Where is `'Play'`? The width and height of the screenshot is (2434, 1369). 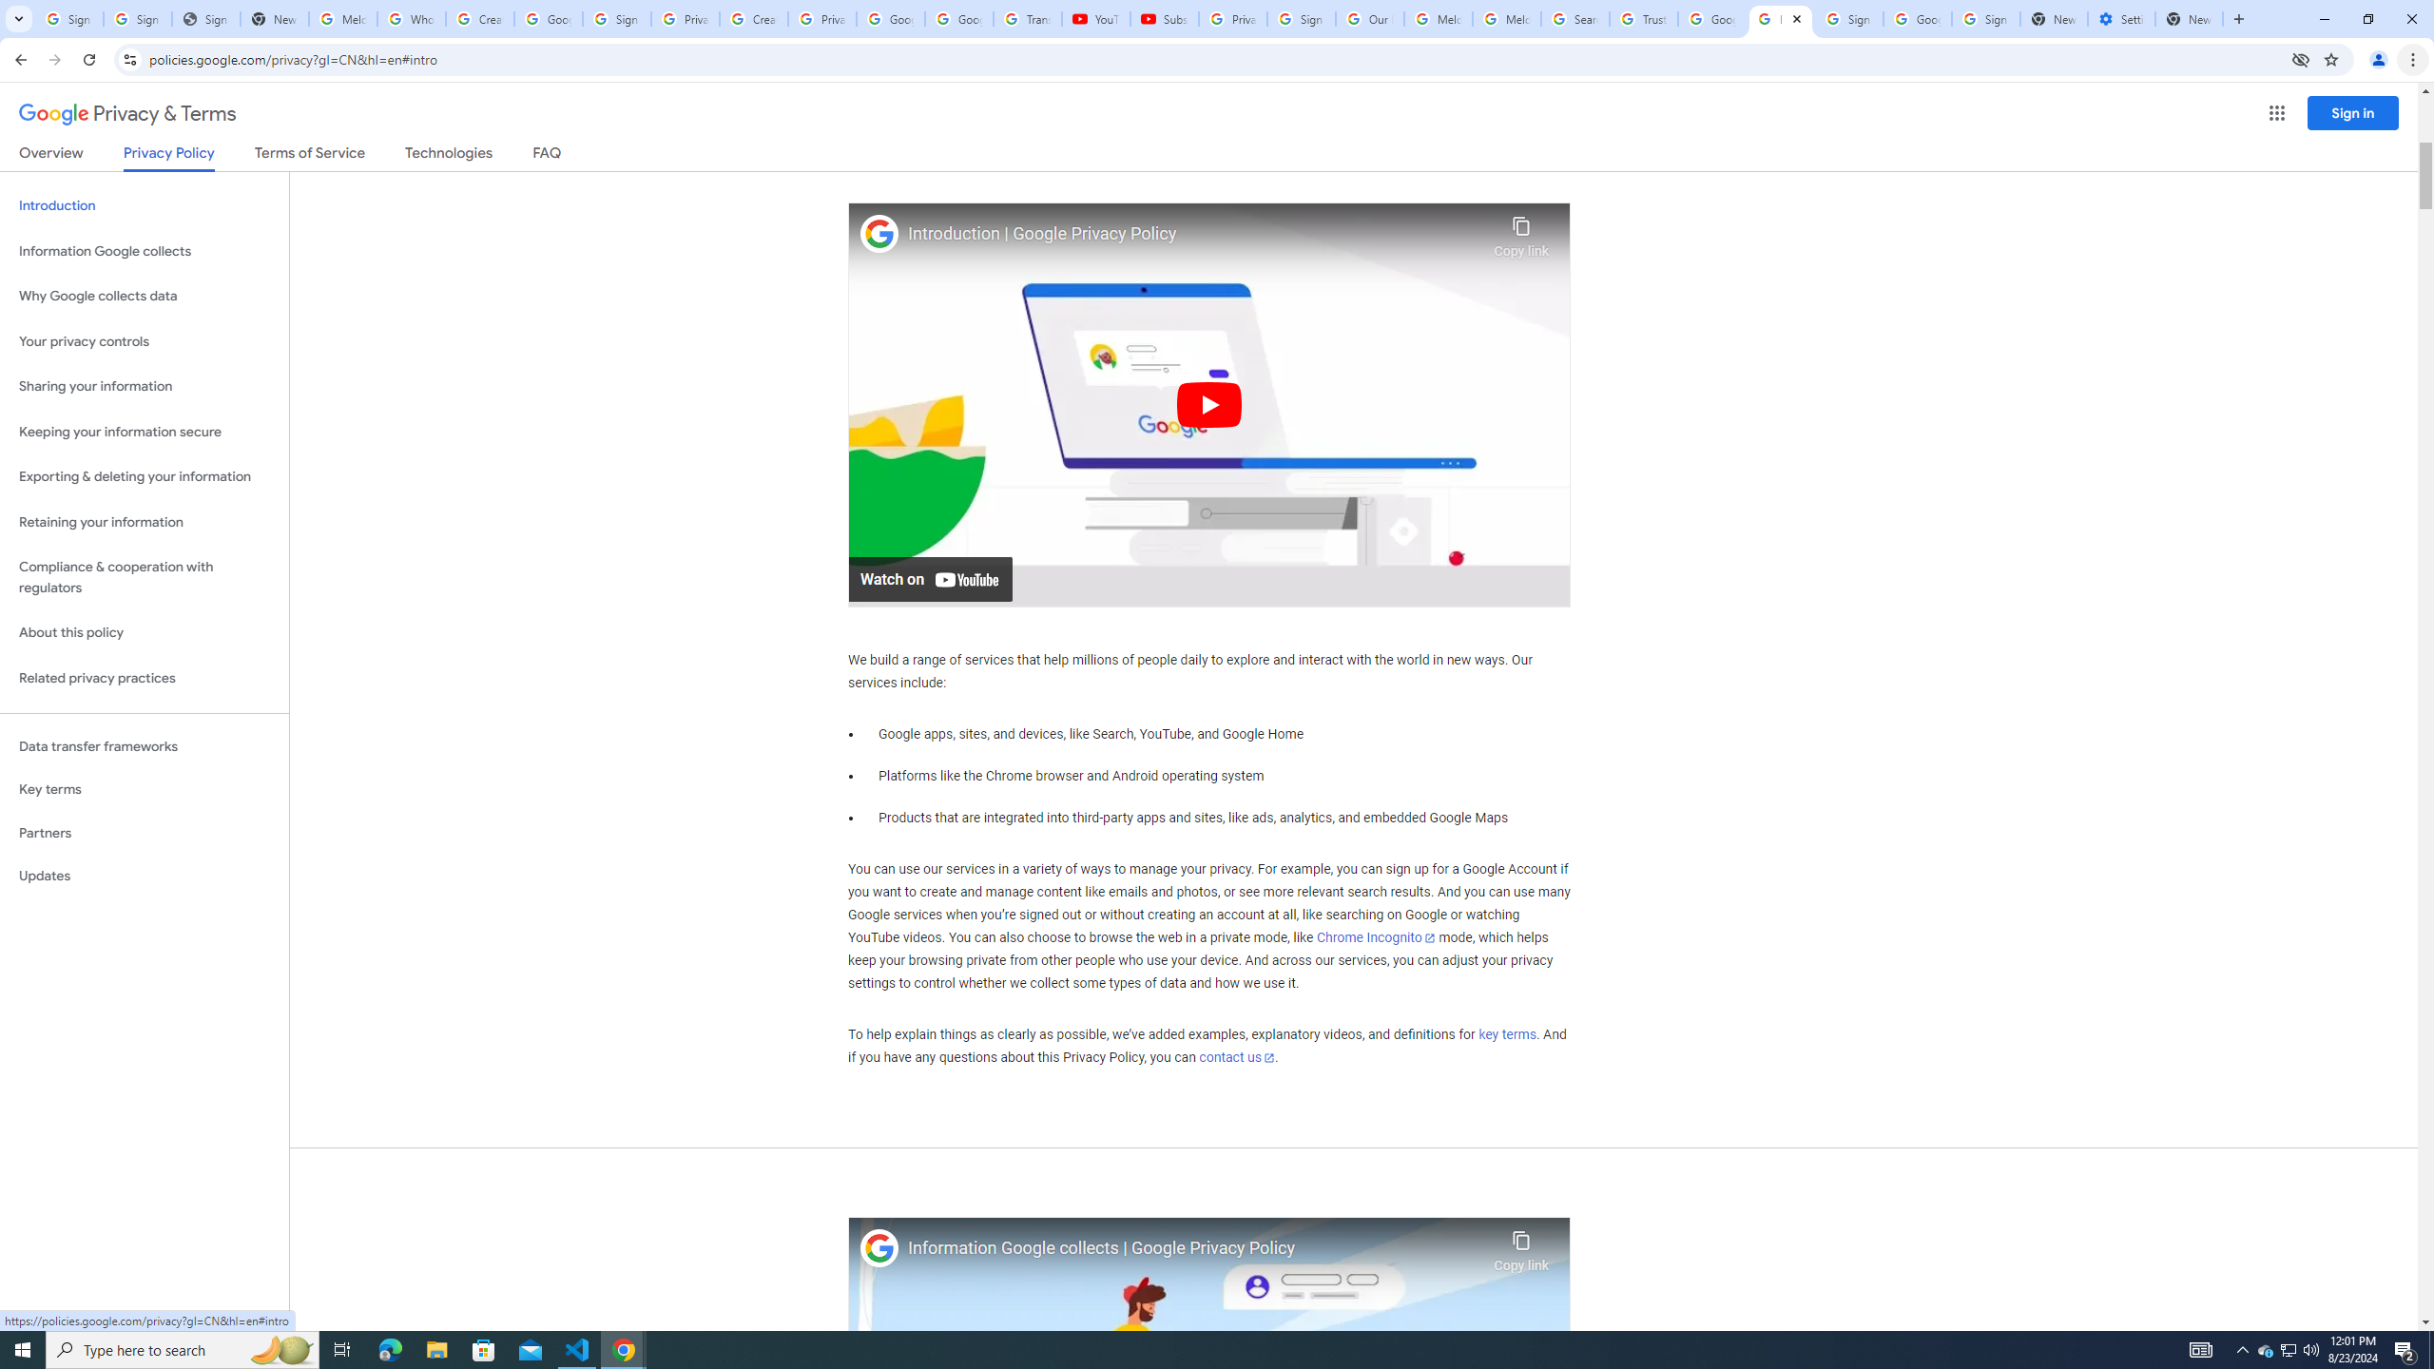 'Play' is located at coordinates (1208, 403).